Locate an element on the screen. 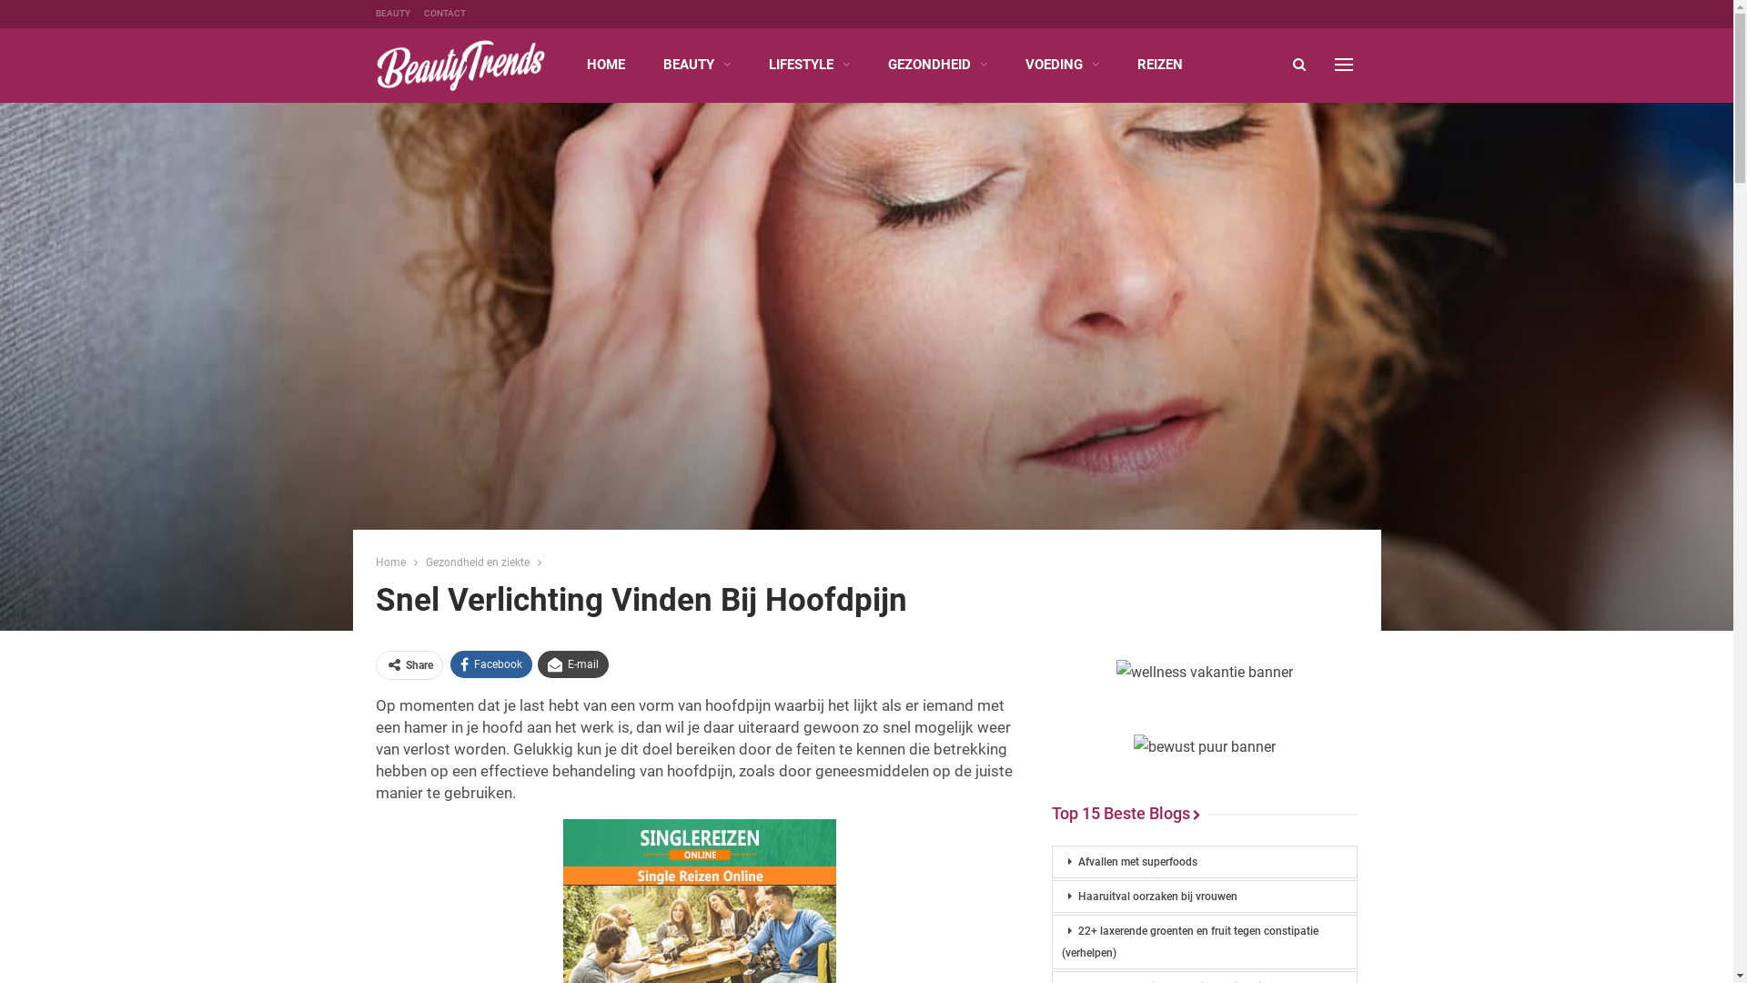 The image size is (1747, 983). 'REIZEN' is located at coordinates (1159, 63).